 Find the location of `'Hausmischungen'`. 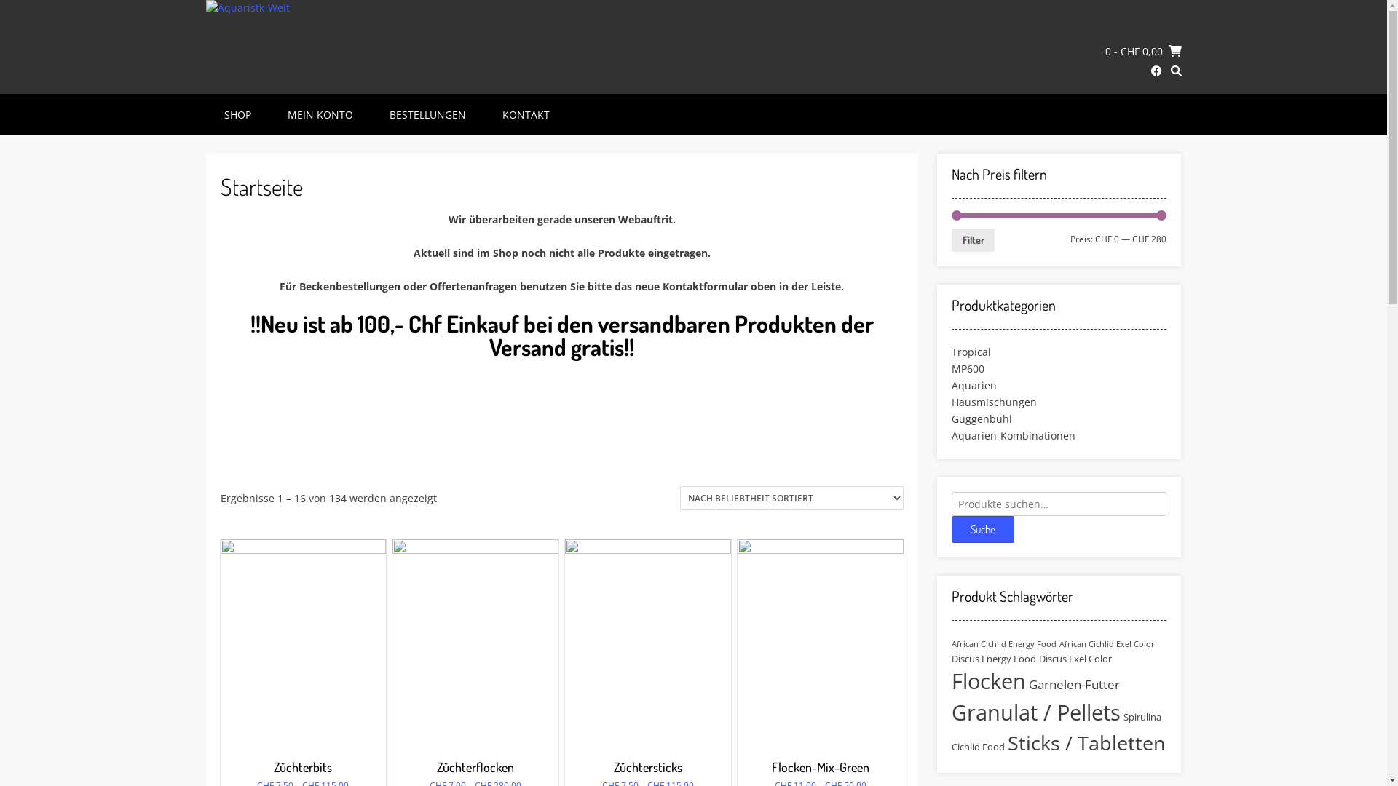

'Hausmischungen' is located at coordinates (993, 401).